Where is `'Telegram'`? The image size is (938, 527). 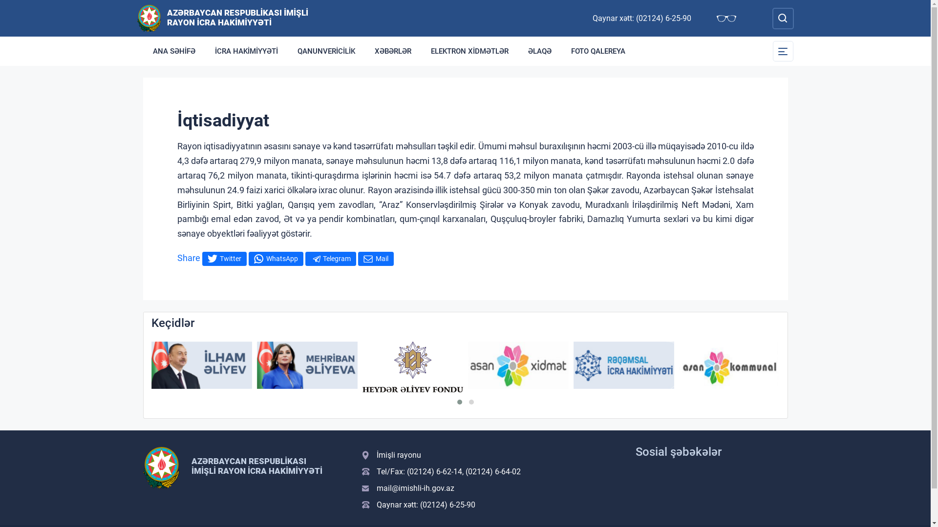 'Telegram' is located at coordinates (330, 258).